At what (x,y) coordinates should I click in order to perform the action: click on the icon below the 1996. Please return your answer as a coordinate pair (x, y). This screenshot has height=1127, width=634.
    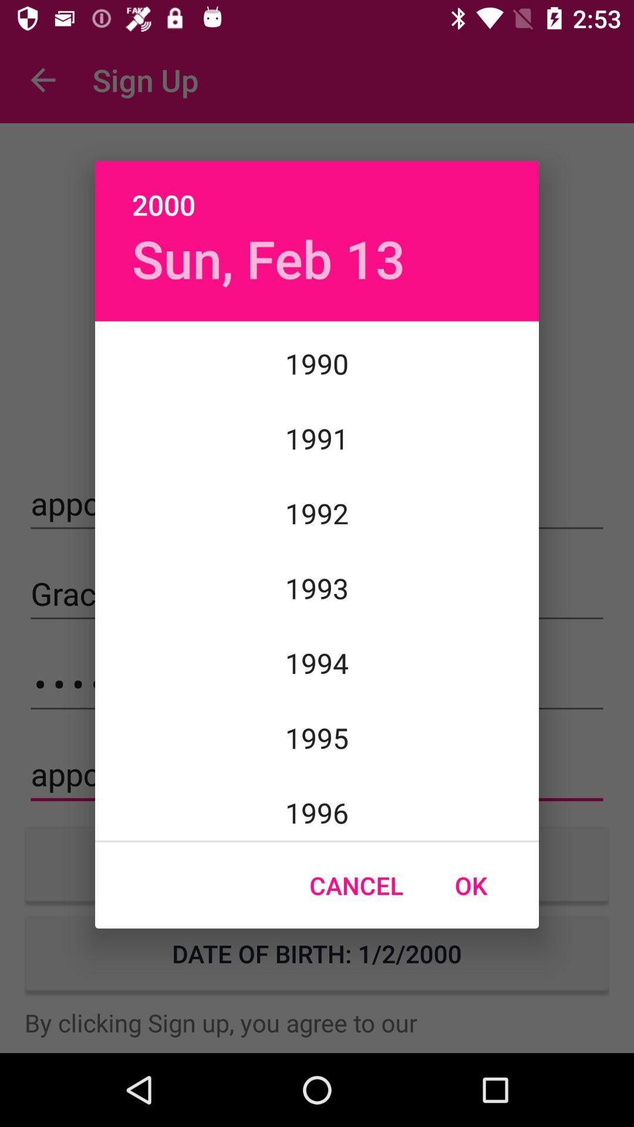
    Looking at the image, I should click on (470, 885).